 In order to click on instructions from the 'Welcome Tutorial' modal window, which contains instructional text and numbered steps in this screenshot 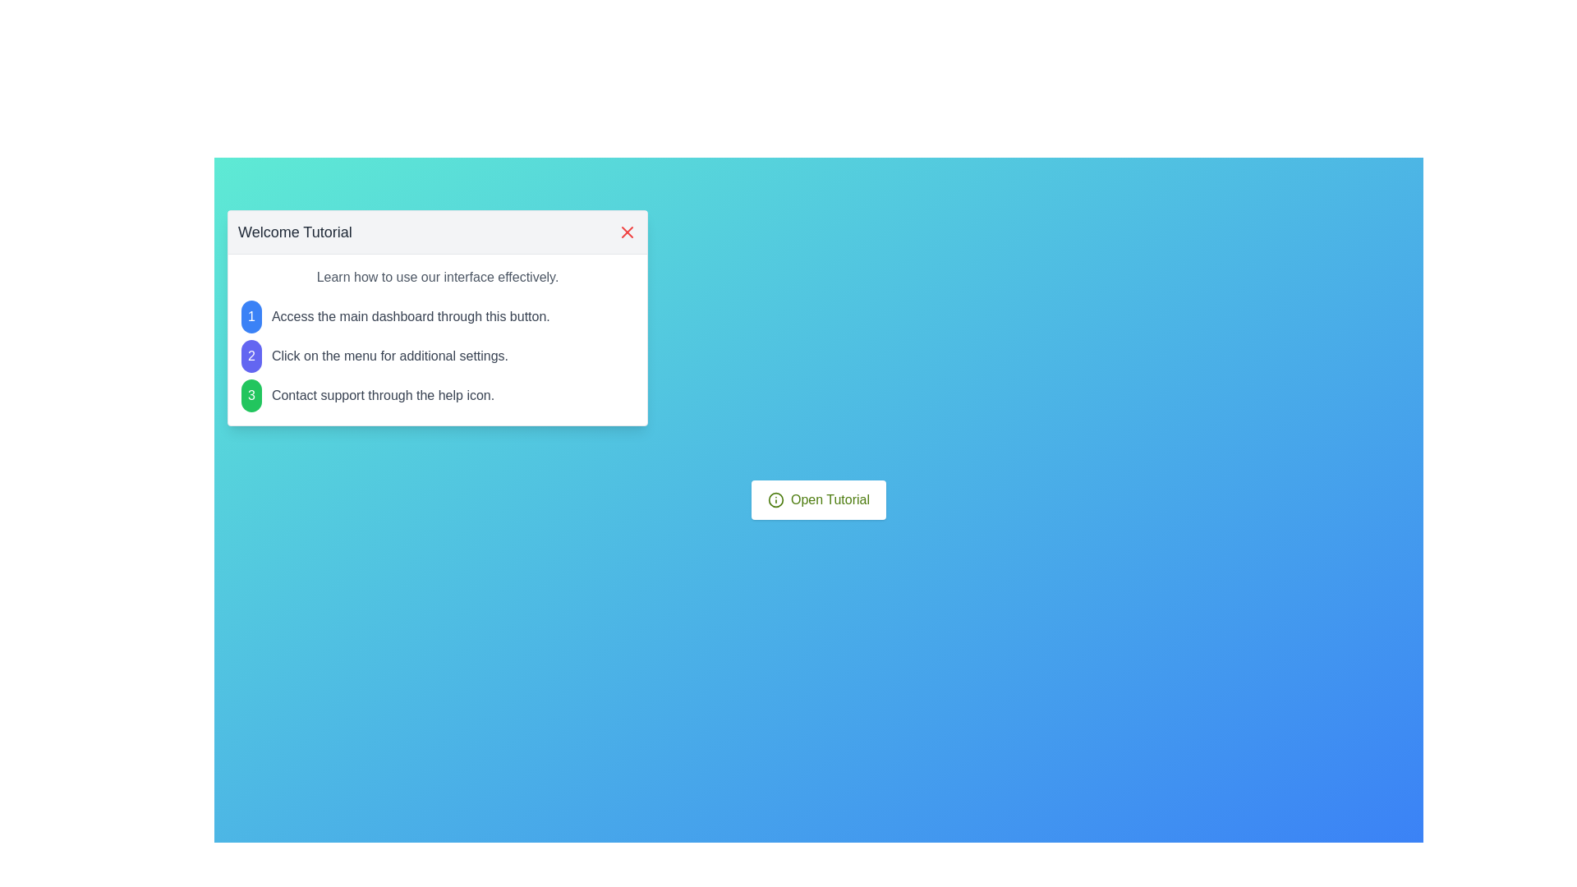, I will do `click(437, 318)`.